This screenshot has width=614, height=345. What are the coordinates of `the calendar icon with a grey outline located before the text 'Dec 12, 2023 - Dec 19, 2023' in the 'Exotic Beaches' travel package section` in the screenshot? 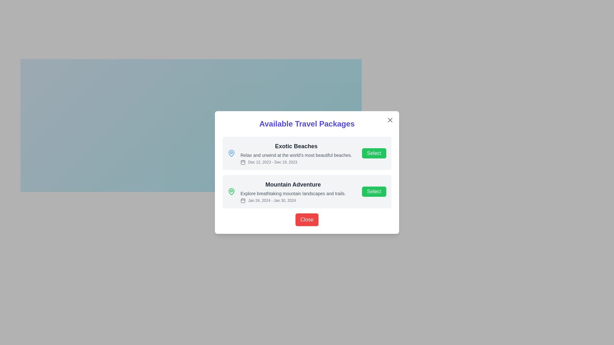 It's located at (242, 162).